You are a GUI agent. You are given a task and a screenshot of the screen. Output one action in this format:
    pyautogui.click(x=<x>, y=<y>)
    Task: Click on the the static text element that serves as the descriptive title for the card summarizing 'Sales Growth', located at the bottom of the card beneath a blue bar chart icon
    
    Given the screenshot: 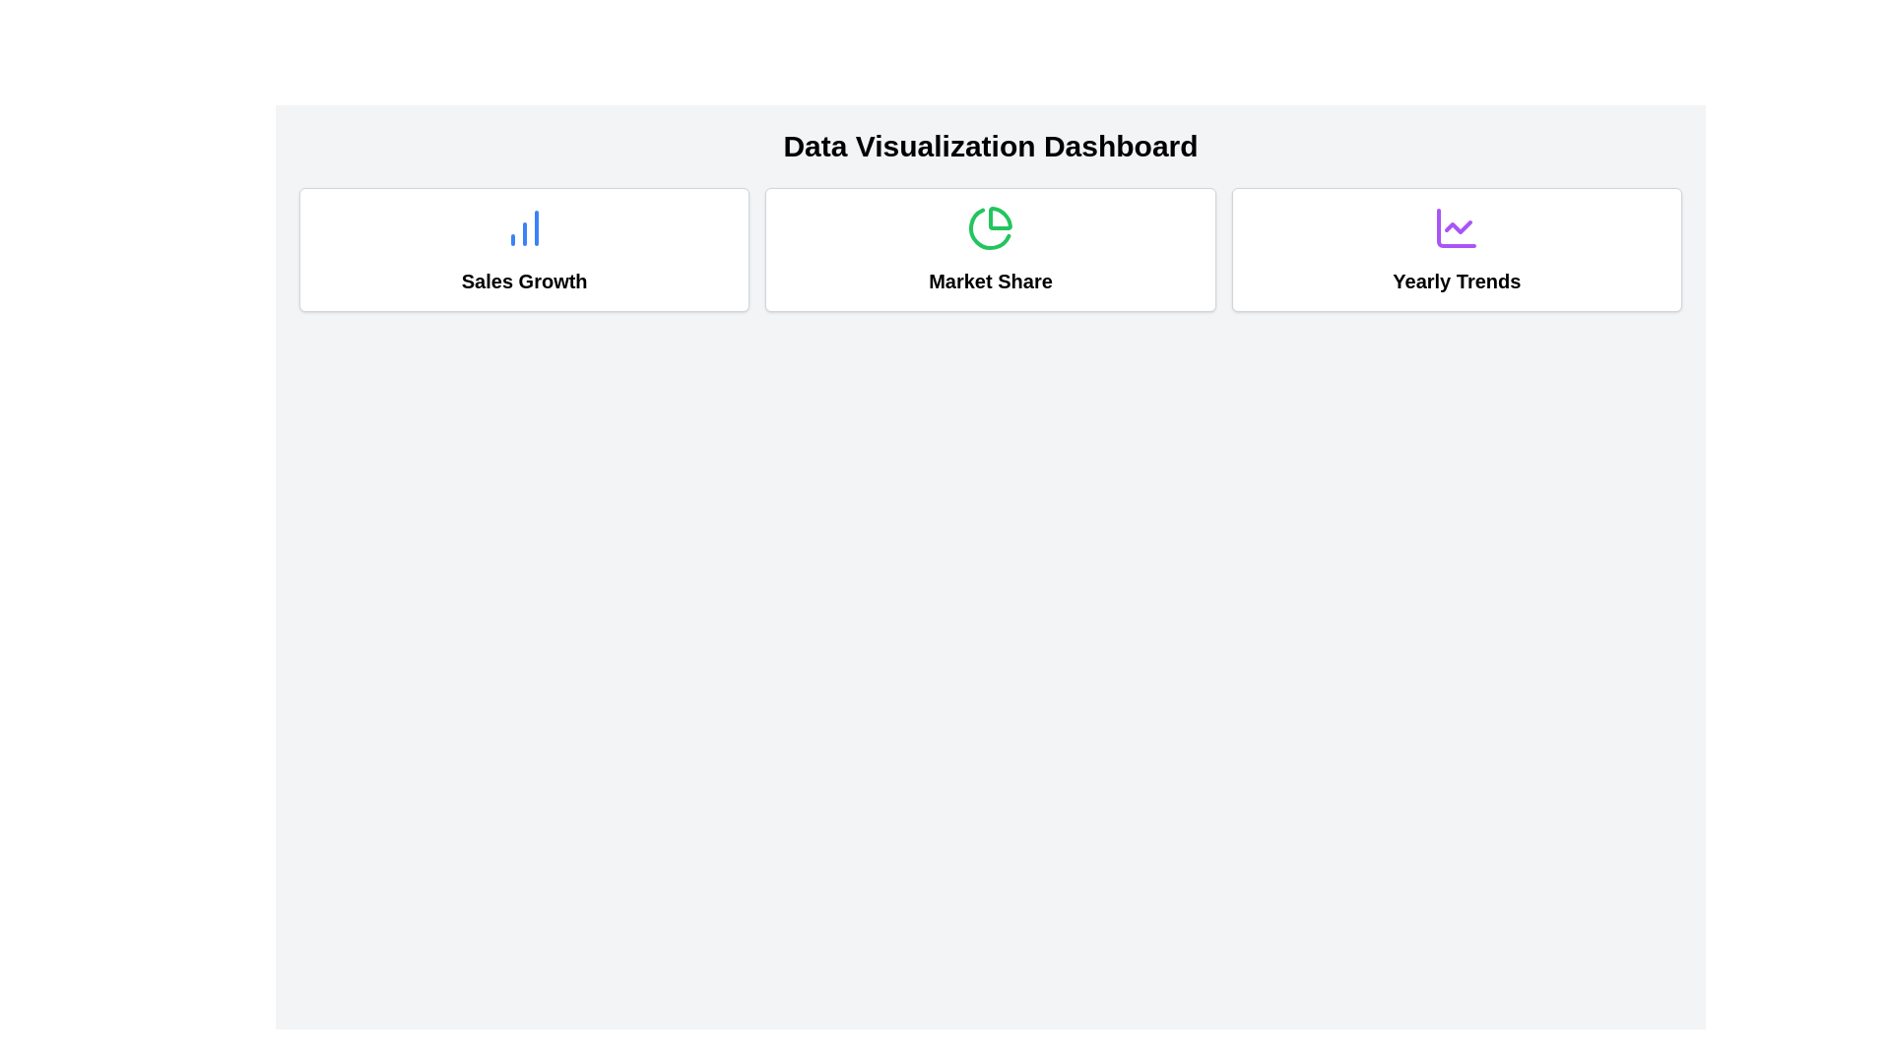 What is the action you would take?
    pyautogui.click(x=524, y=281)
    